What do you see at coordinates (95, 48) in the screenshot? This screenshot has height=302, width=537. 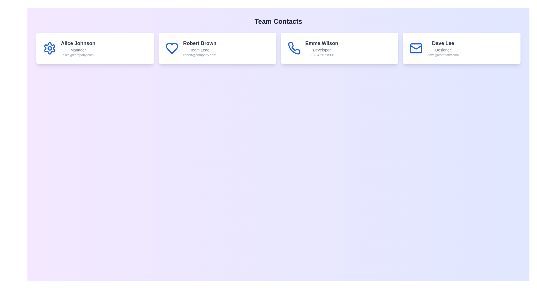 I see `text content of the first informational card located in the top-left corner of the grid layout` at bounding box center [95, 48].